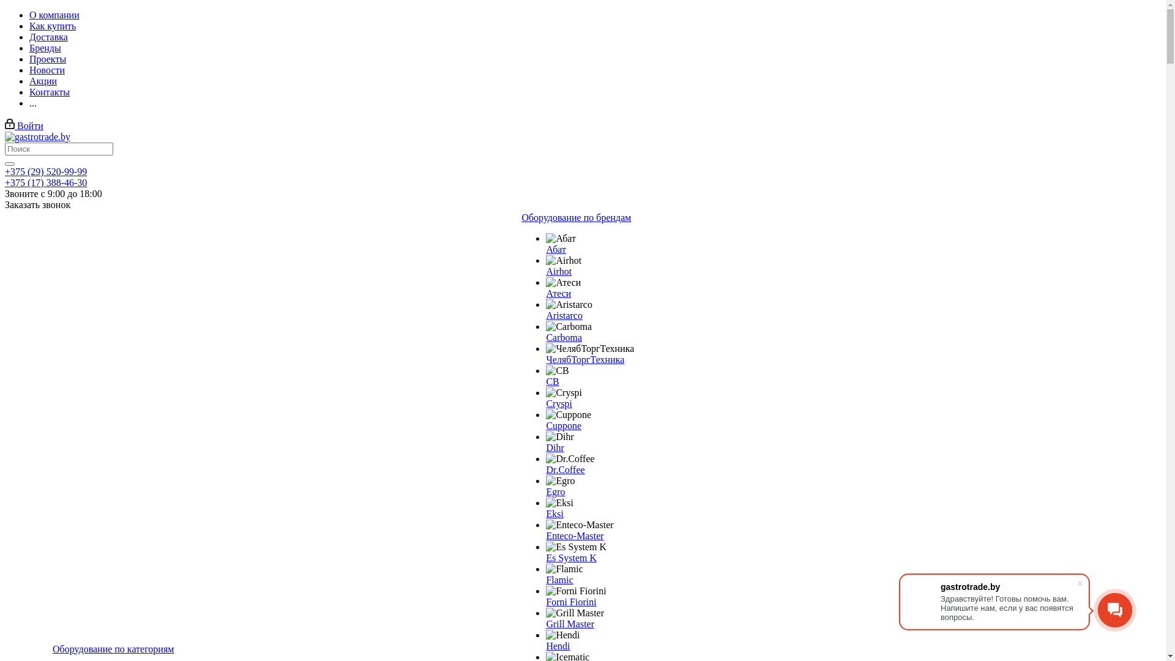 The image size is (1175, 661). What do you see at coordinates (545, 634) in the screenshot?
I see `'Hendi'` at bounding box center [545, 634].